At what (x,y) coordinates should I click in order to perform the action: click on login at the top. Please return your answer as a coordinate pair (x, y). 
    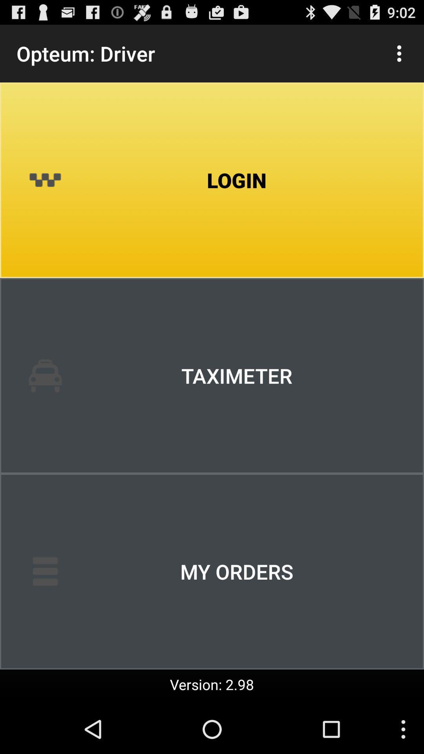
    Looking at the image, I should click on (212, 180).